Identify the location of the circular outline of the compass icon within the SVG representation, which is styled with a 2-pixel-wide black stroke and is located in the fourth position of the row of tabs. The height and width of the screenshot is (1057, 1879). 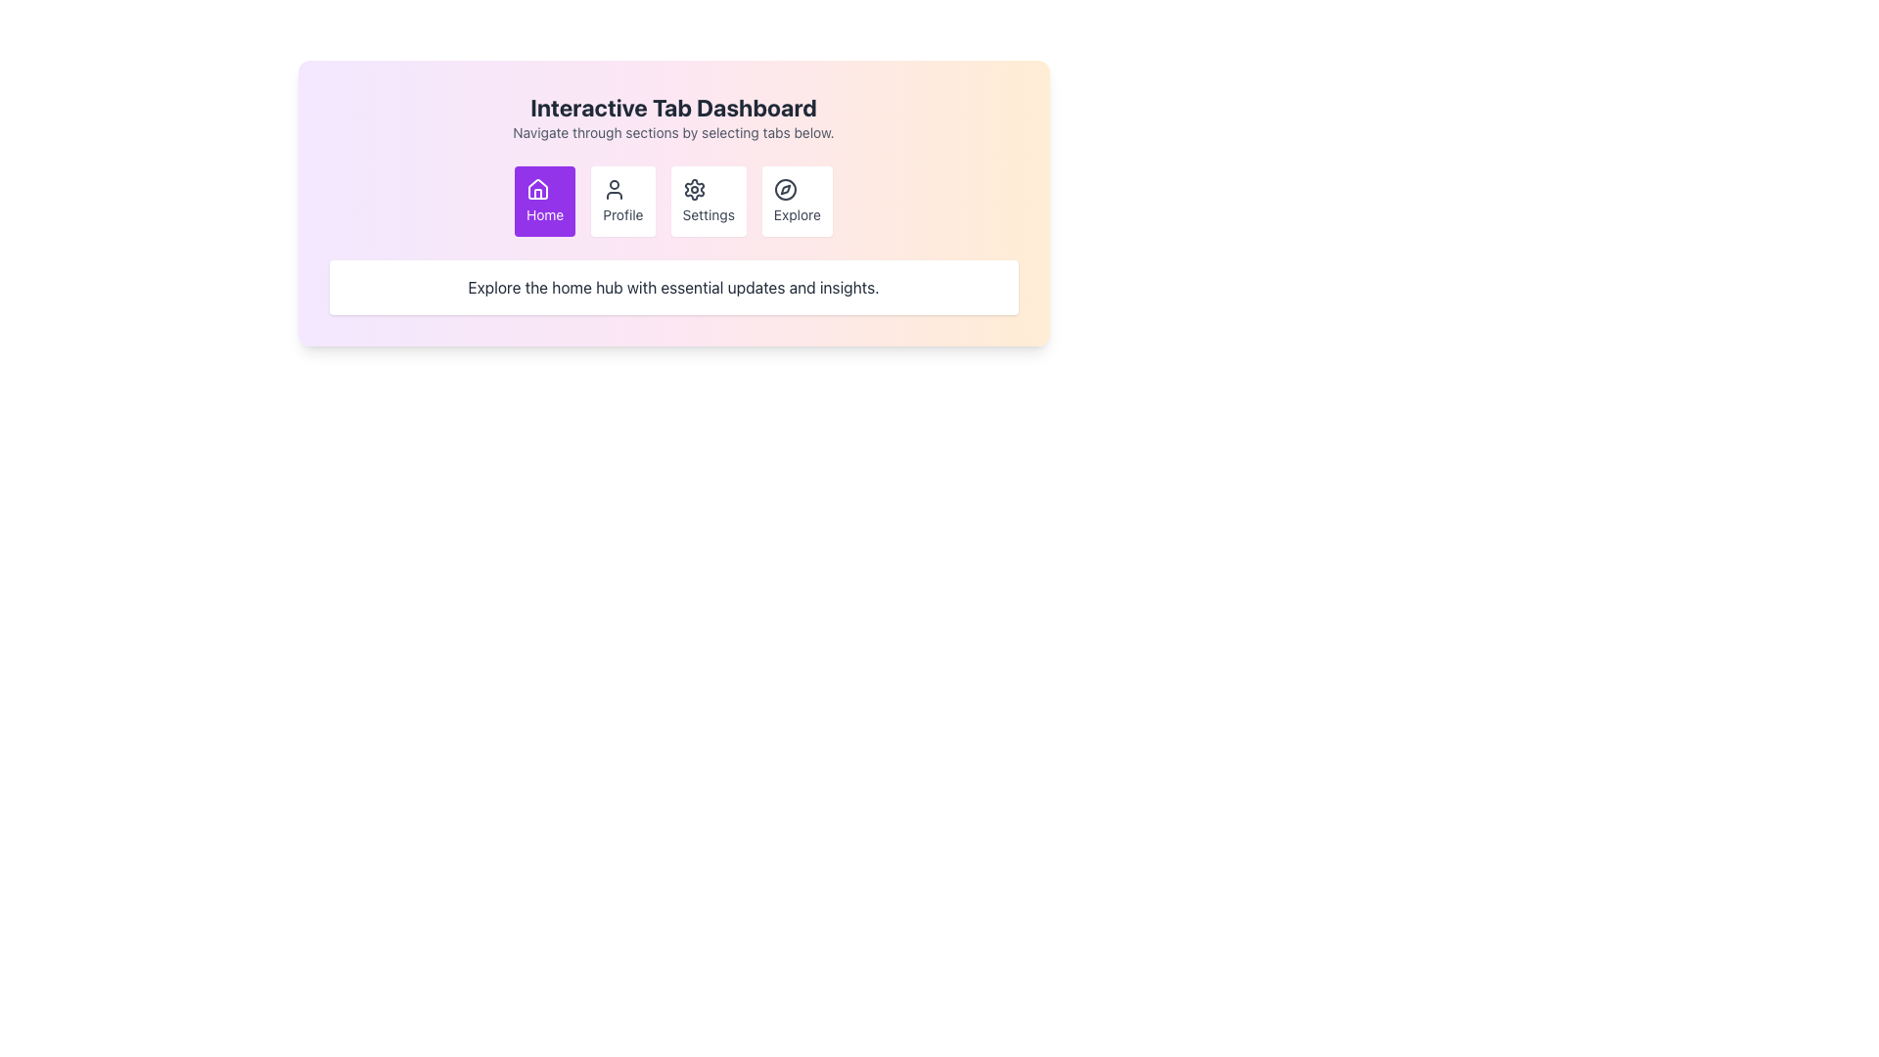
(785, 189).